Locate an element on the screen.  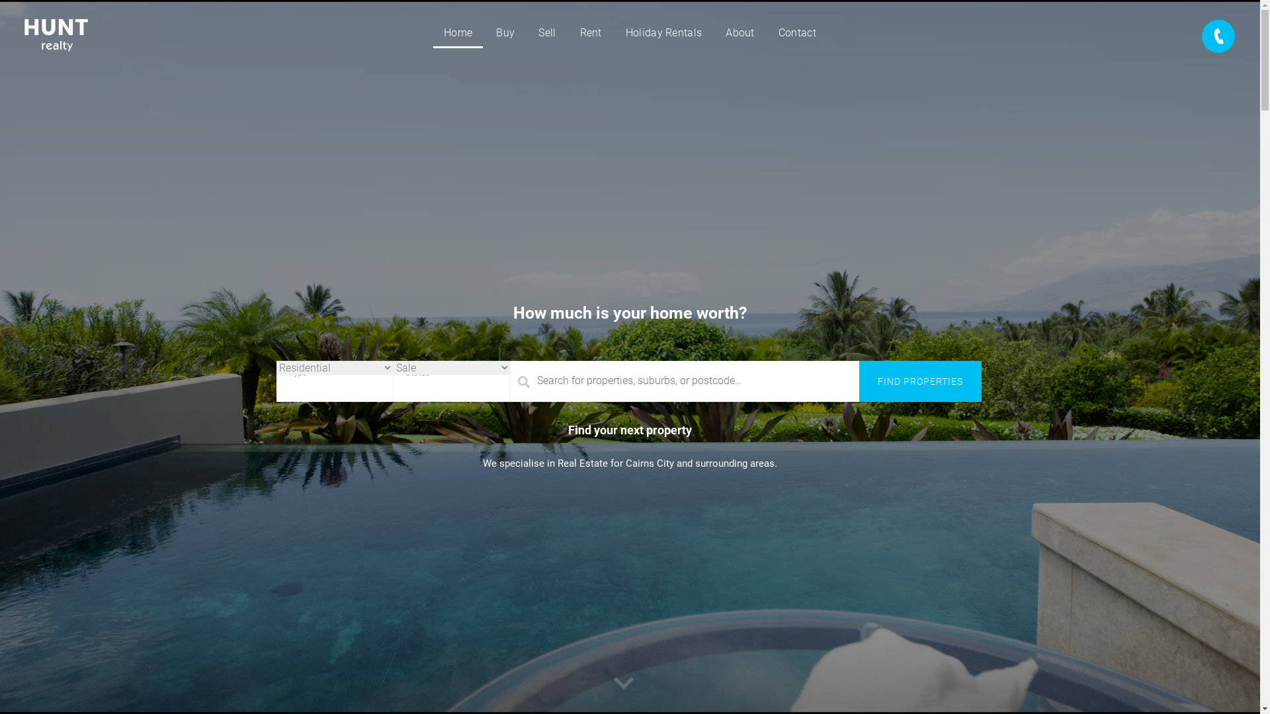
'Contact' is located at coordinates (796, 32).